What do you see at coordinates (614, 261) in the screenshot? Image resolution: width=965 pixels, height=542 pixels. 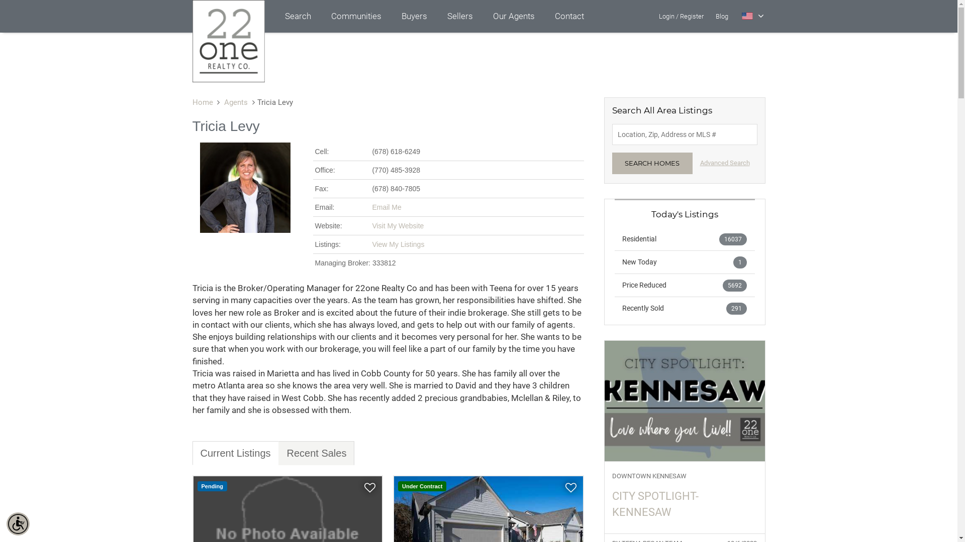 I see `'New Today` at bounding box center [614, 261].